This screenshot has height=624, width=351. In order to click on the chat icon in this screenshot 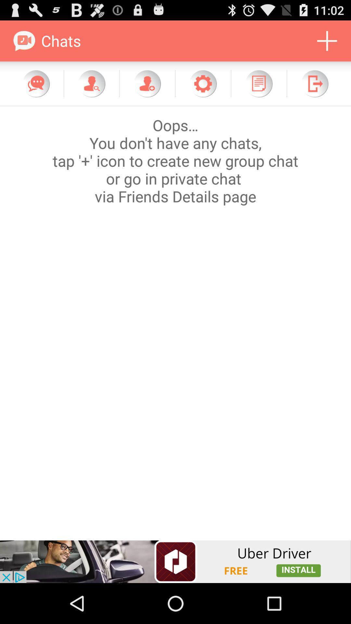, I will do `click(36, 89)`.